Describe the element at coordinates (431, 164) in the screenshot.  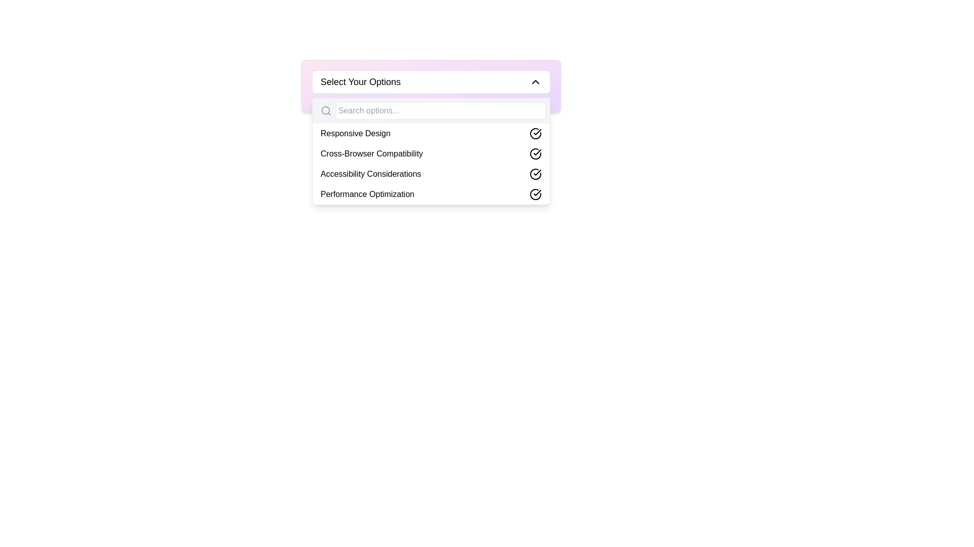
I see `the checkmark of the 'Cross-Browser Compatibility' option in the dropdown menu` at that location.